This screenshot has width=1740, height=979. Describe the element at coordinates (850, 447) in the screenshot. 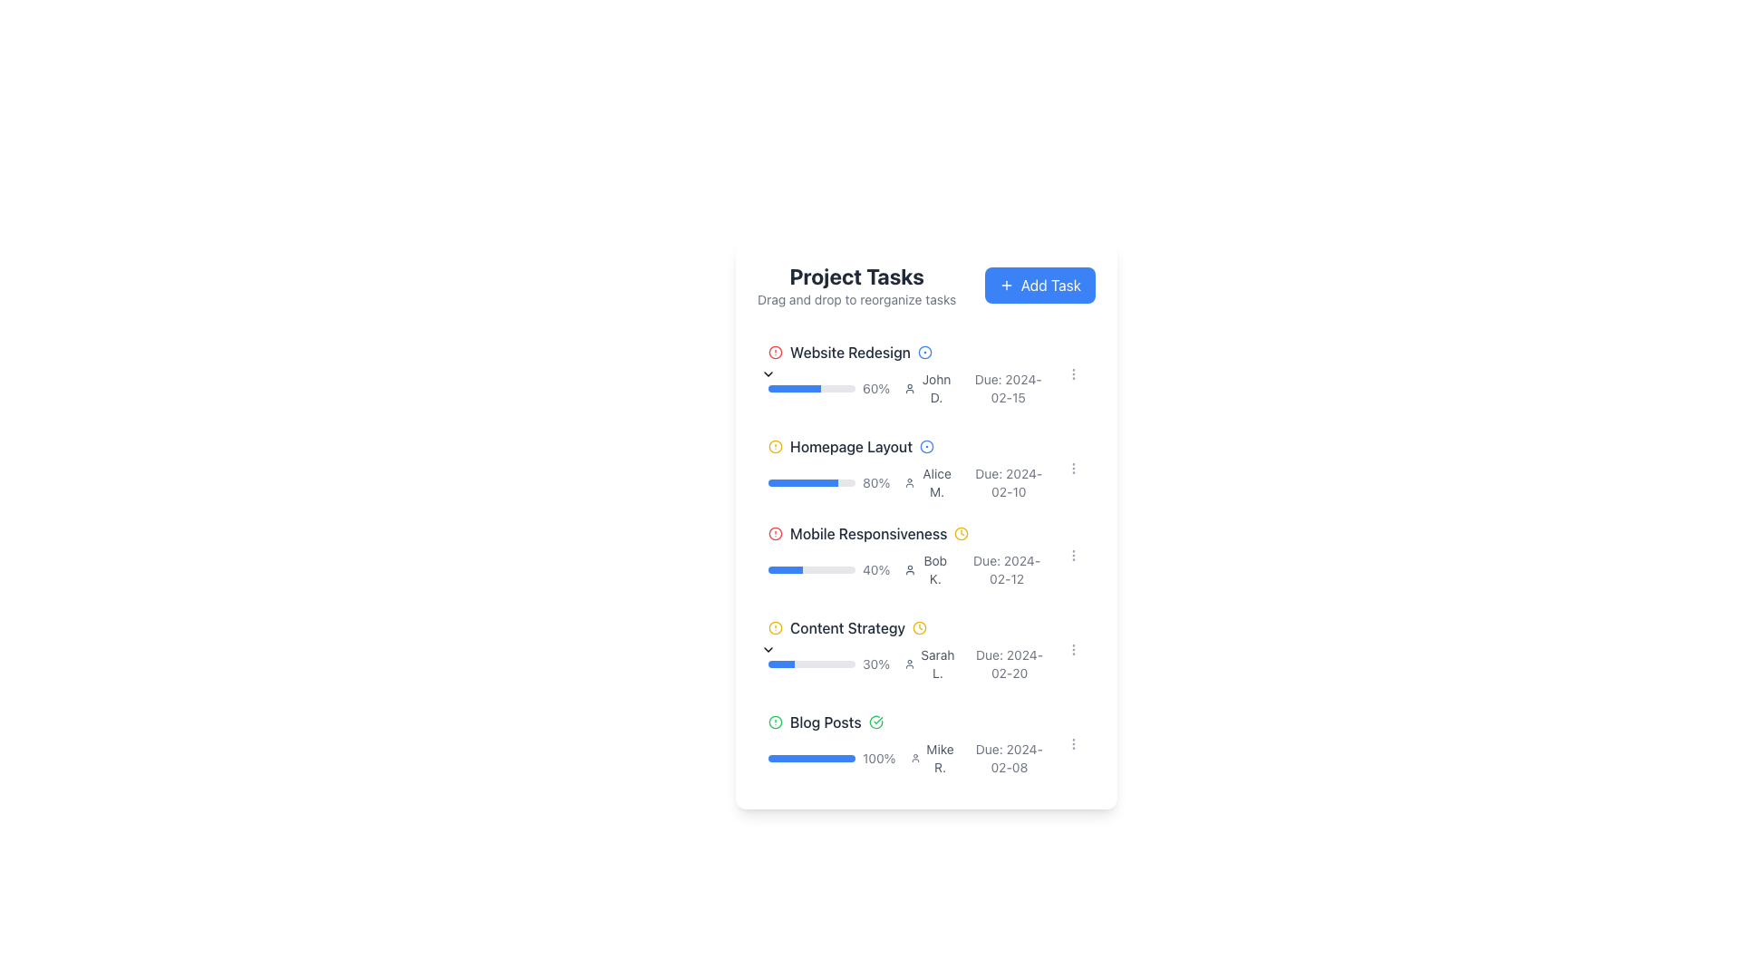

I see `the 'Homepage Layout' text label, which is styled with a medium-weight font and gray color` at that location.